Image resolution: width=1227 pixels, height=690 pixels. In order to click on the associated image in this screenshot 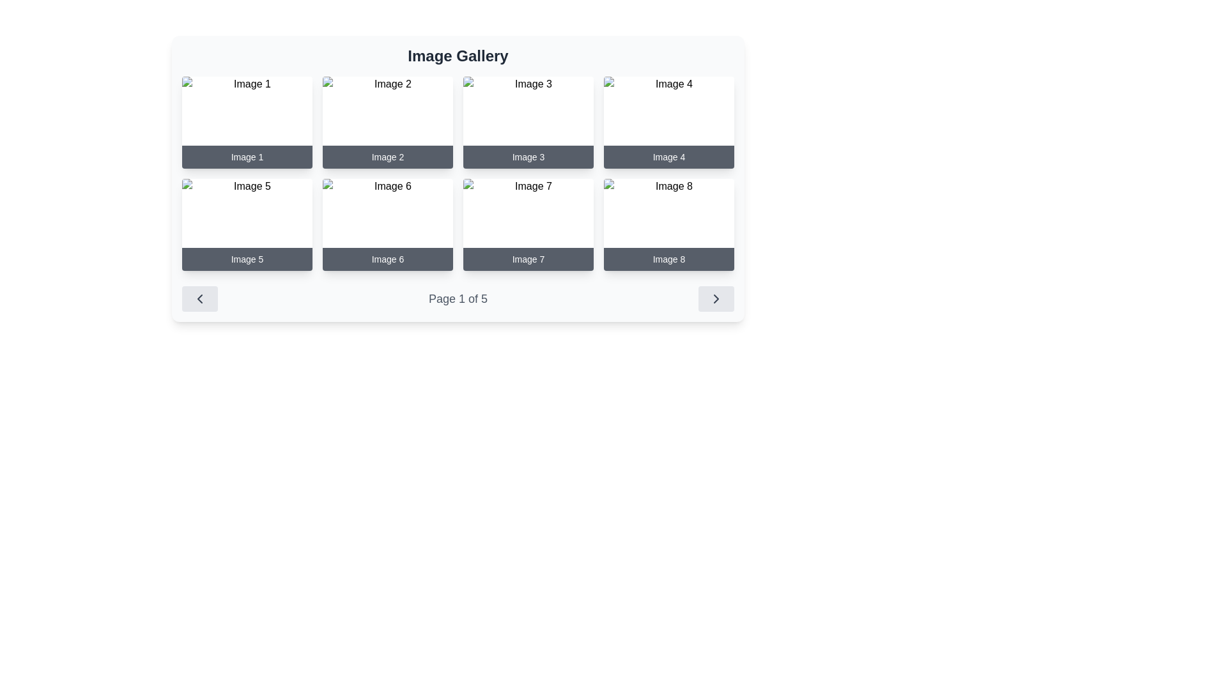, I will do `click(247, 157)`.